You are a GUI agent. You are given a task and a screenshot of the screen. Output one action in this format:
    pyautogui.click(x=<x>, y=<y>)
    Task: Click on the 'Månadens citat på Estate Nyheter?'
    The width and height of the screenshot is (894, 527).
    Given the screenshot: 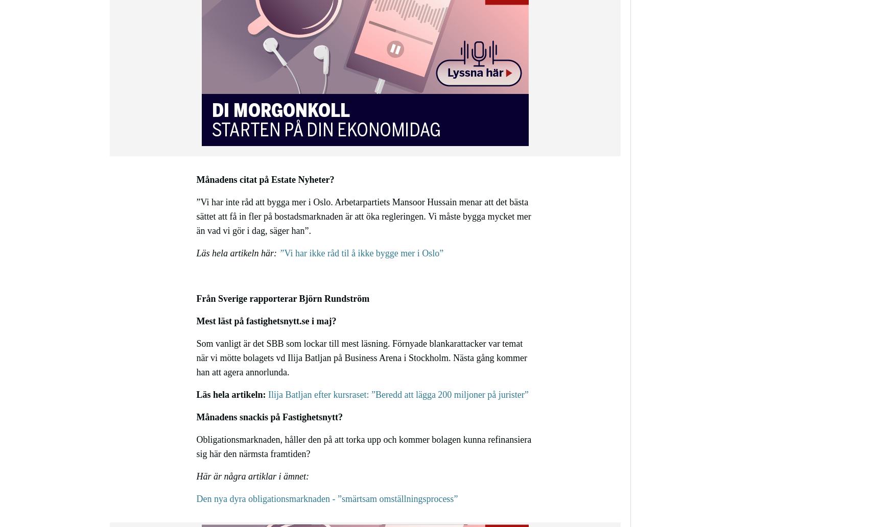 What is the action you would take?
    pyautogui.click(x=265, y=180)
    